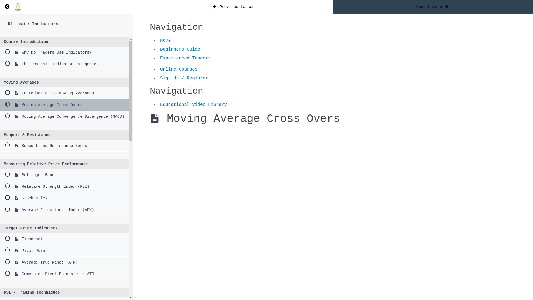  I want to click on 'Average Directional Index (ADX)', so click(64, 210).